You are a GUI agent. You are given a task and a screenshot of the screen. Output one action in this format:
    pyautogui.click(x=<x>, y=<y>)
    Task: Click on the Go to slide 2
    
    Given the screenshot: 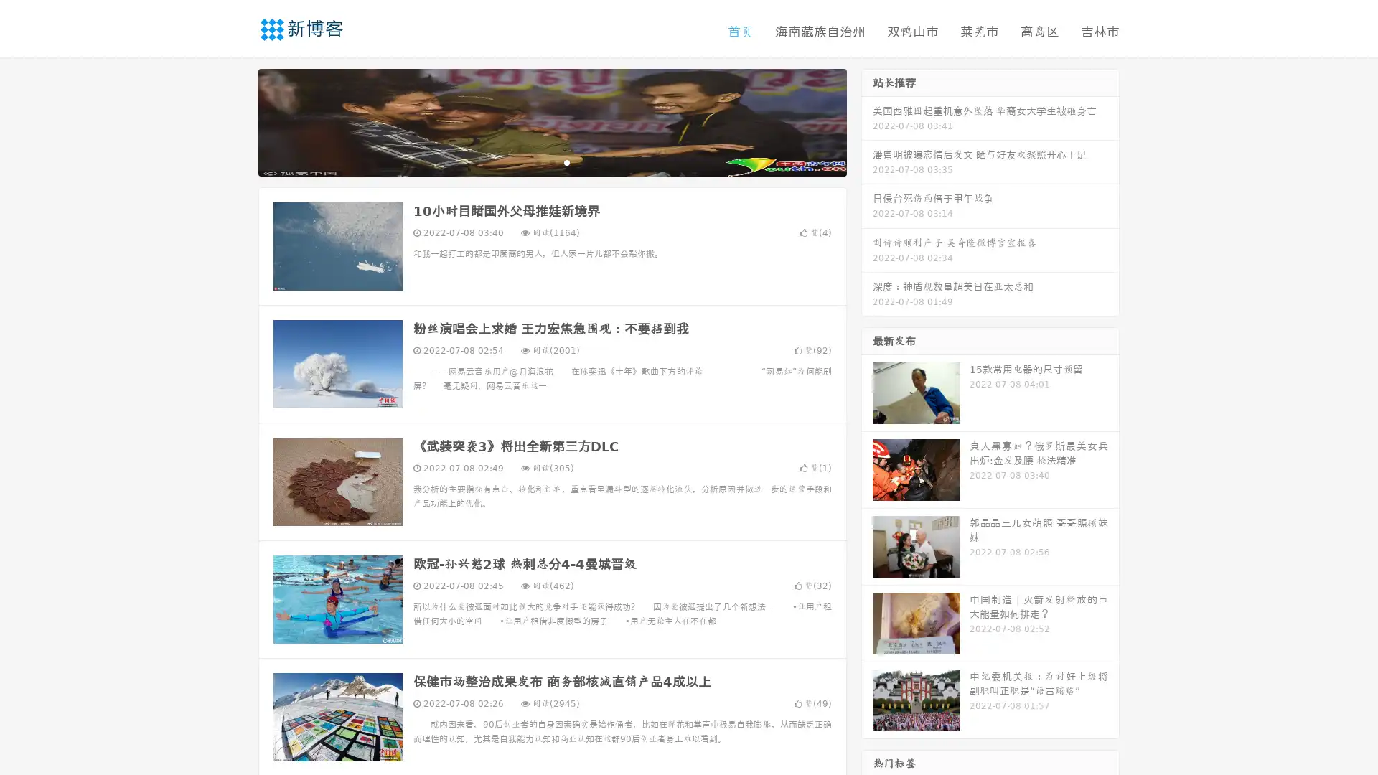 What is the action you would take?
    pyautogui.click(x=551, y=161)
    